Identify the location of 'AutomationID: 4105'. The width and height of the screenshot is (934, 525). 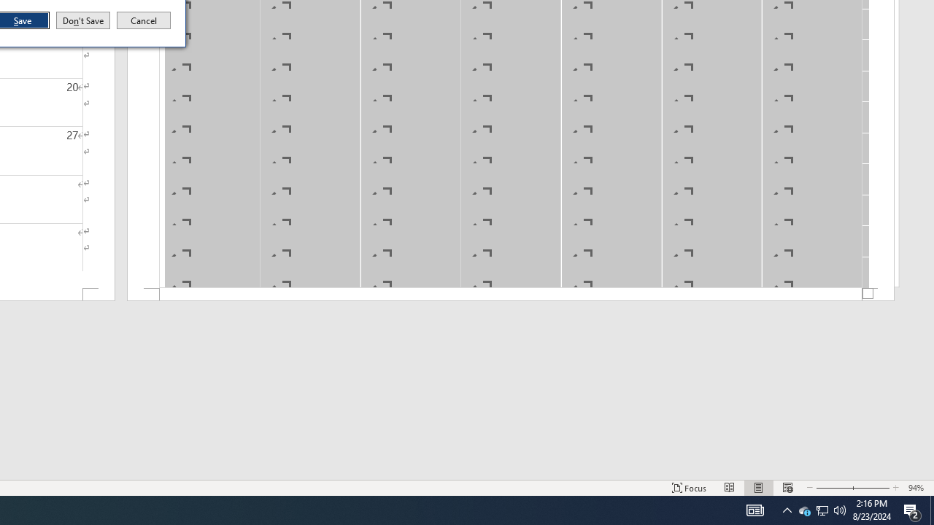
(754, 509).